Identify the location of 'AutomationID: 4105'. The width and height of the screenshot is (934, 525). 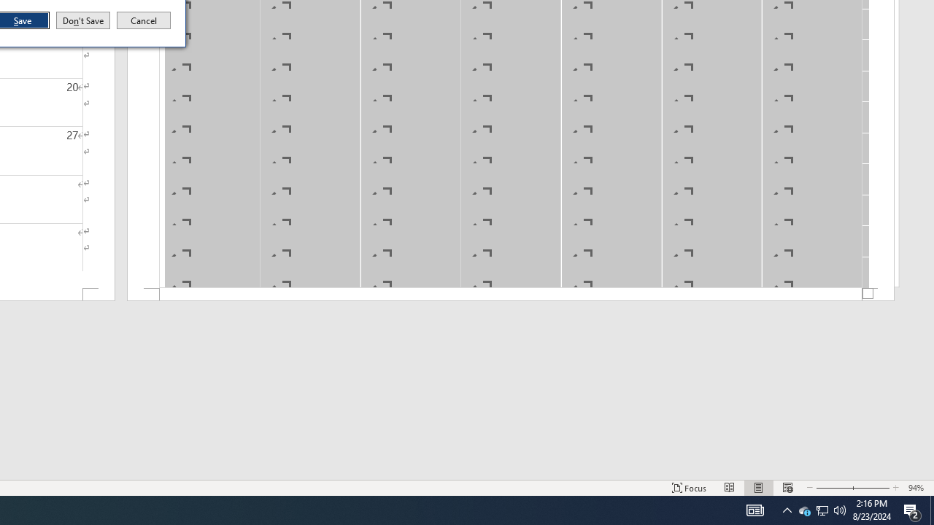
(754, 509).